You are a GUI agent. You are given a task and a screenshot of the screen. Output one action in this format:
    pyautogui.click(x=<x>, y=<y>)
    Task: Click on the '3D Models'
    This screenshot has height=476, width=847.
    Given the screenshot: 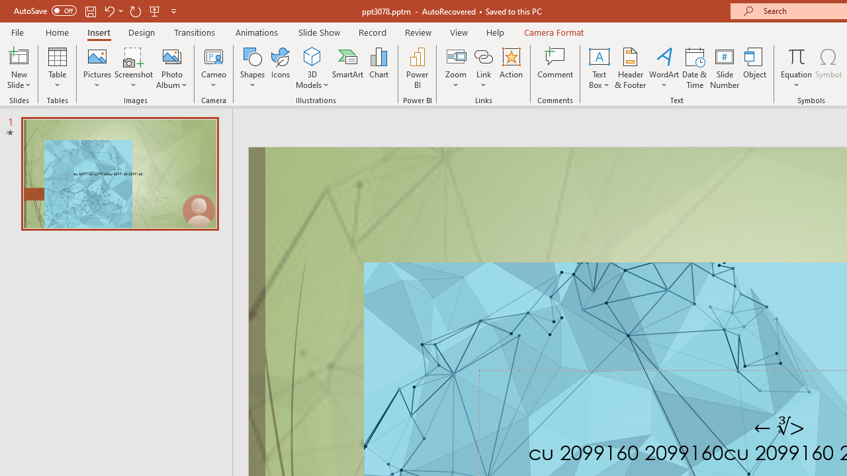 What is the action you would take?
    pyautogui.click(x=312, y=68)
    